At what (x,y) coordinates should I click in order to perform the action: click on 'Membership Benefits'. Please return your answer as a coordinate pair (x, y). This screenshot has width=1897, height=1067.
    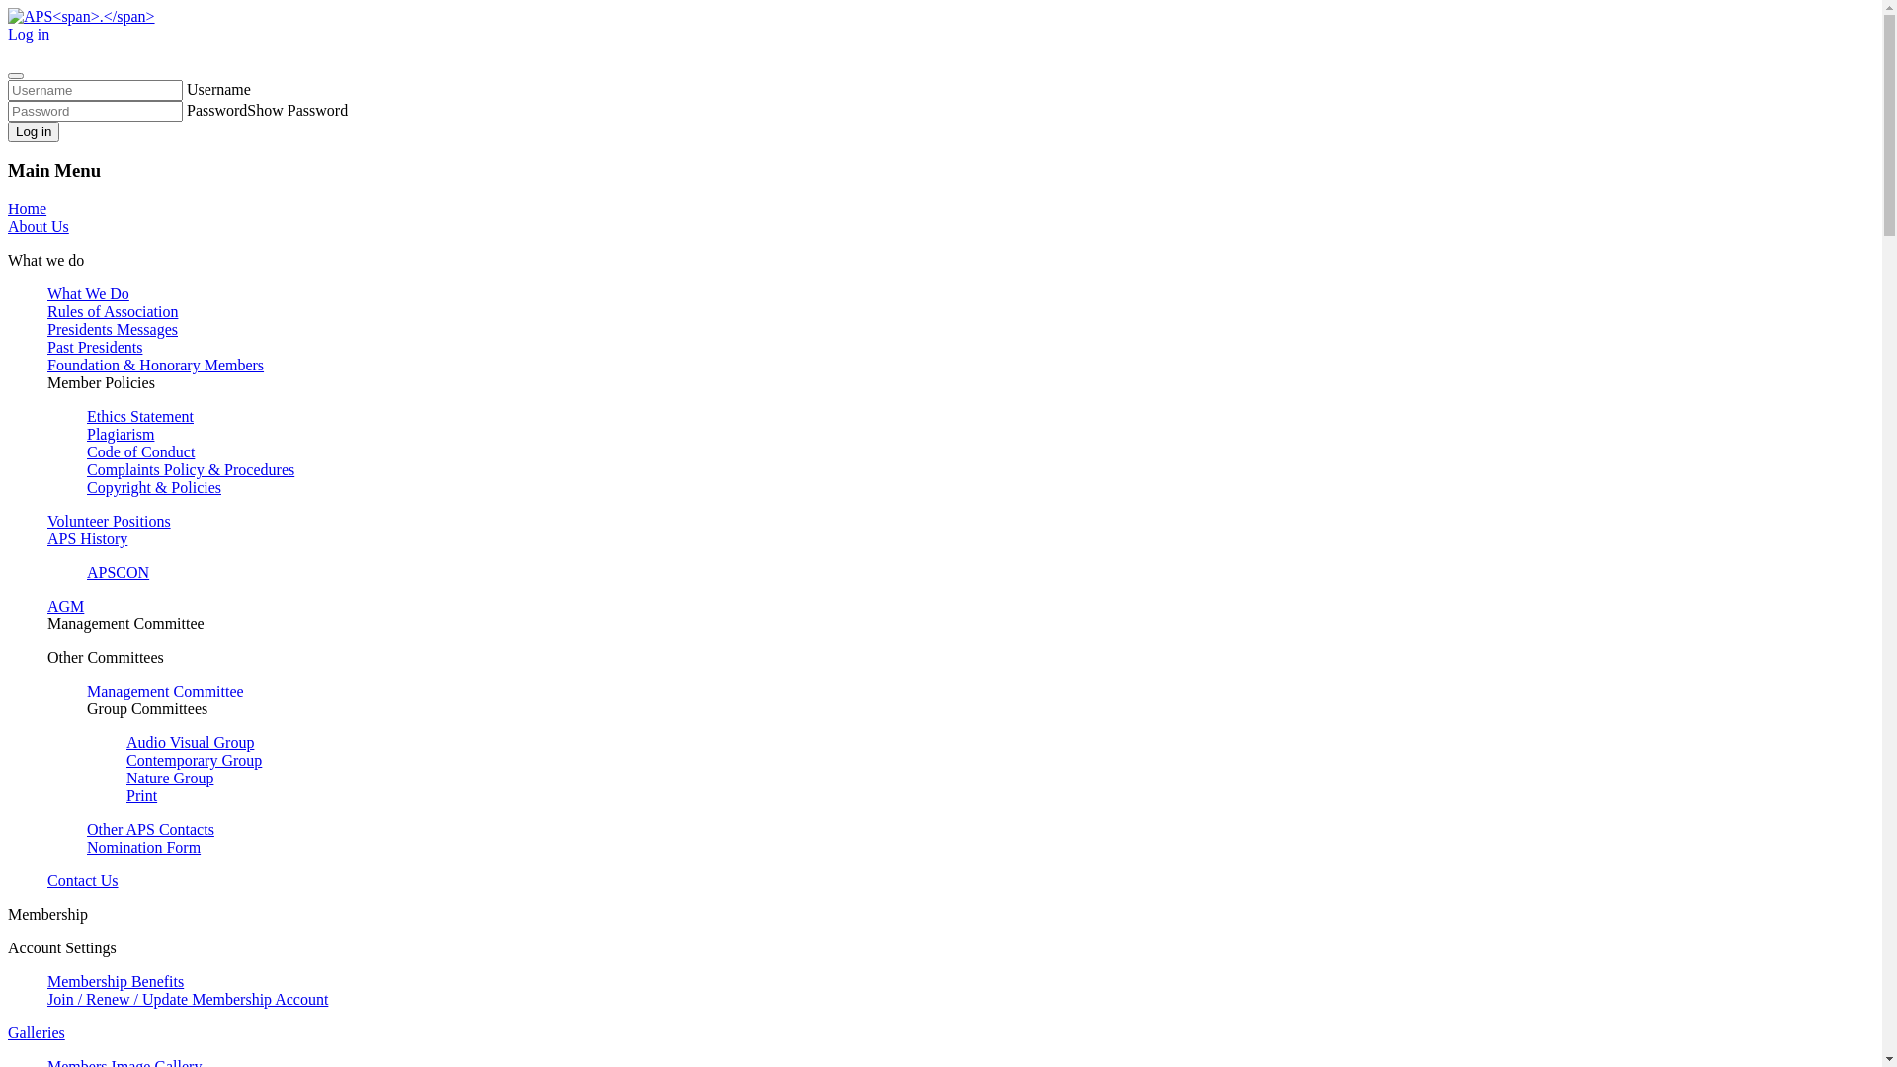
    Looking at the image, I should click on (114, 981).